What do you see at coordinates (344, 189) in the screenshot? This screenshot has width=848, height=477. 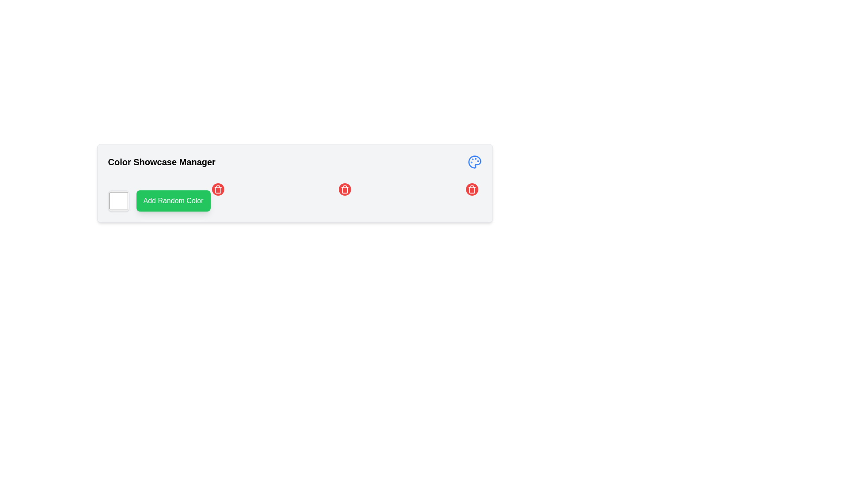 I see `the small circular red button with a white trash can icon in the top-right corner` at bounding box center [344, 189].